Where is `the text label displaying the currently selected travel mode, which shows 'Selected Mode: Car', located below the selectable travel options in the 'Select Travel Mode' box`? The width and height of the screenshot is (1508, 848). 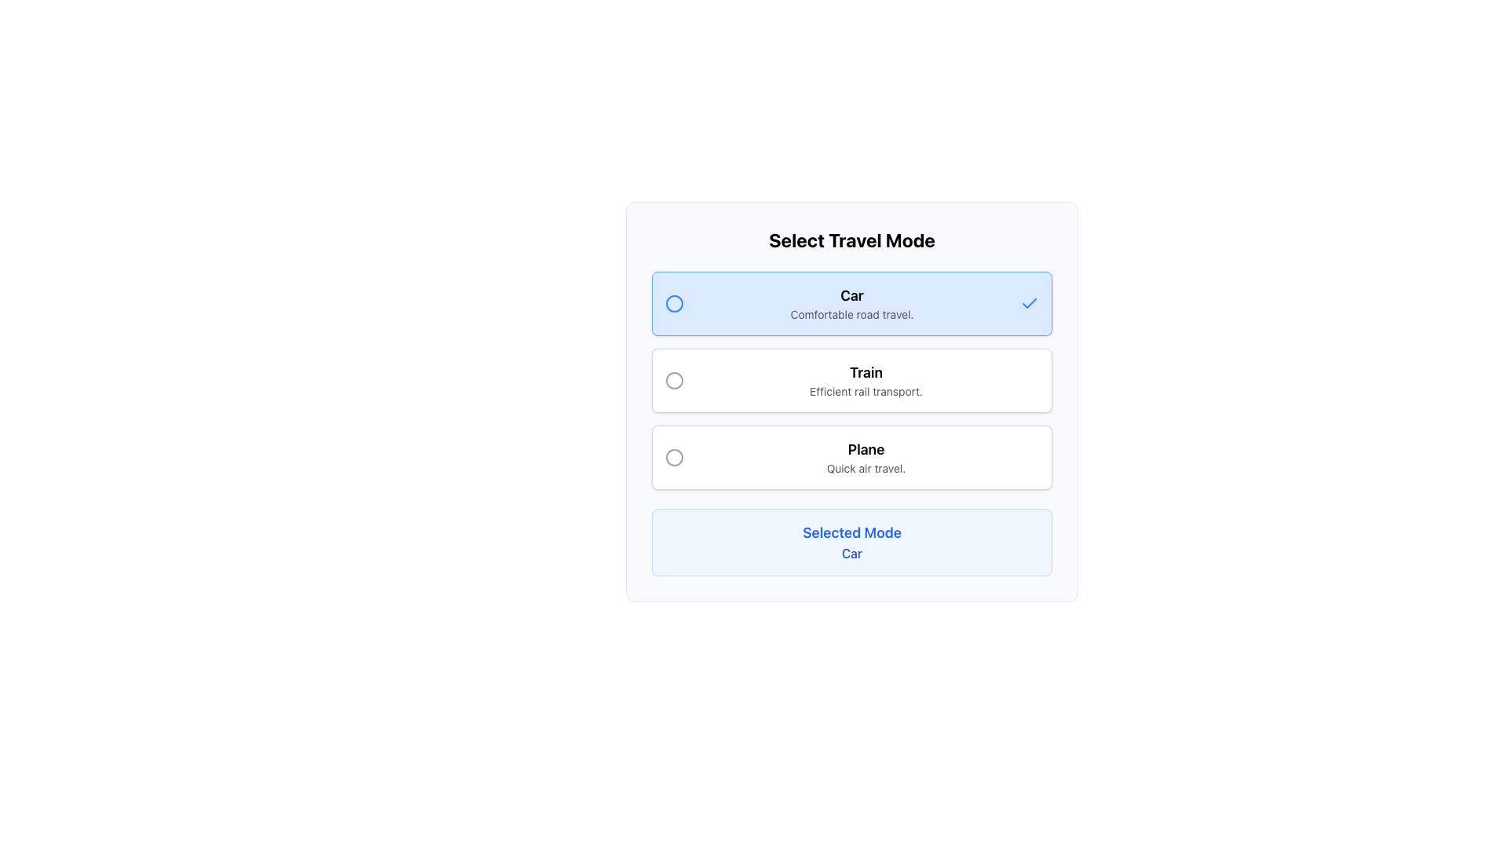 the text label displaying the currently selected travel mode, which shows 'Selected Mode: Car', located below the selectable travel options in the 'Select Travel Mode' box is located at coordinates (851, 541).